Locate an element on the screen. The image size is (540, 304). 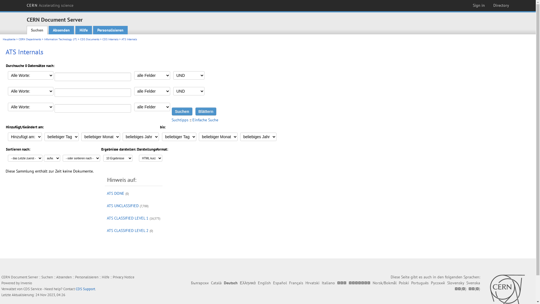
'Slovensky' is located at coordinates (456, 283).